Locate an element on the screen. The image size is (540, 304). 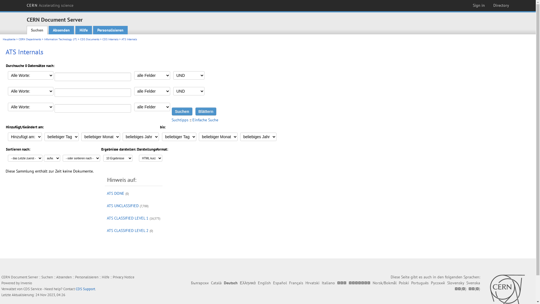
'Slovensky' is located at coordinates (456, 283).